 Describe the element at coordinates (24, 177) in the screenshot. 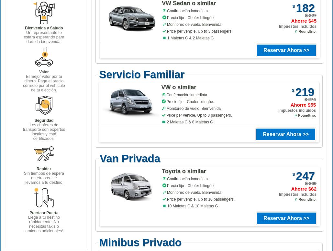

I see `'Sin tiempos de espera ni retrasos - te llevamos a tu destino.'` at that location.